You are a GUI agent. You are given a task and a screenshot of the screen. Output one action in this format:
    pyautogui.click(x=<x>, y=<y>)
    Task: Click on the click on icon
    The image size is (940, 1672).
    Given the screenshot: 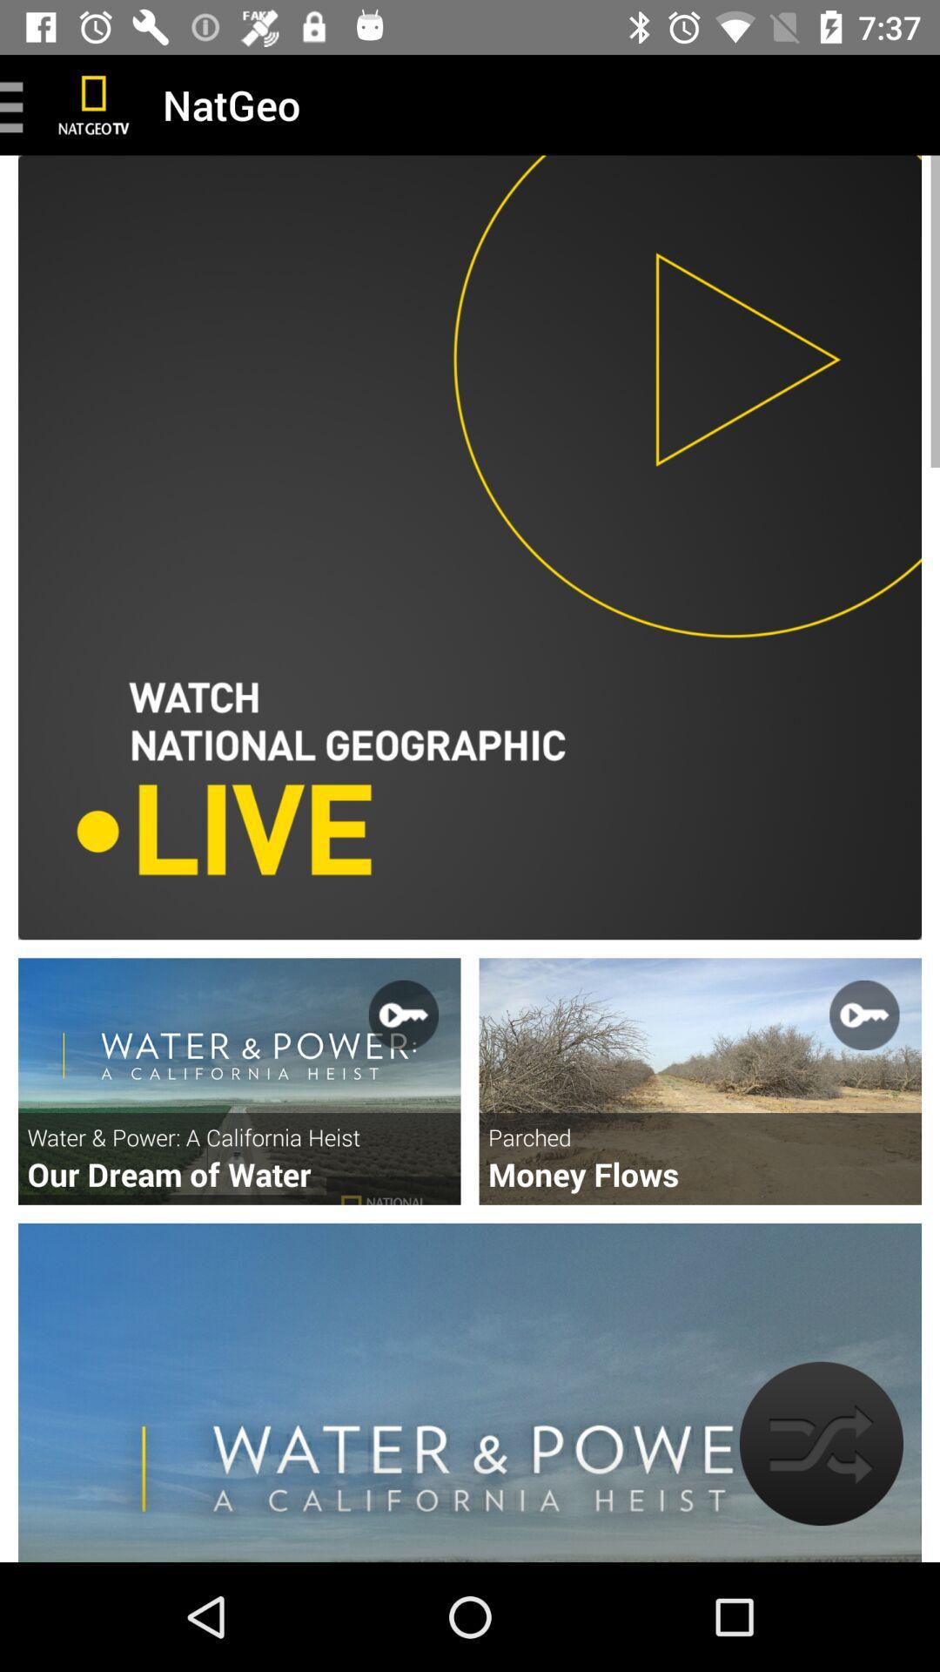 What is the action you would take?
    pyautogui.click(x=239, y=1081)
    